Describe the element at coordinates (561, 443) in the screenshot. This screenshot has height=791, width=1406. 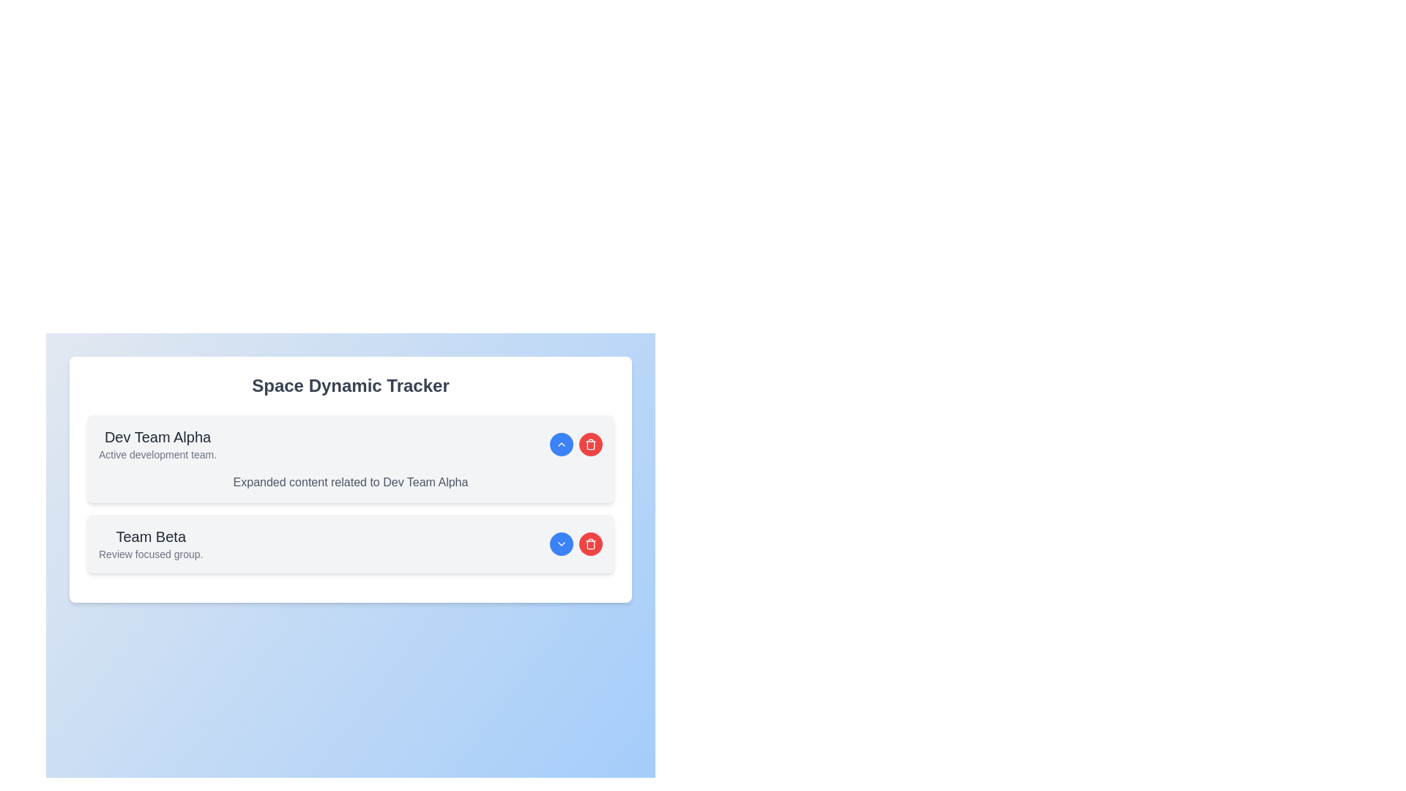
I see `the triangular upward-pointing icon embedded in the blue circular button located to the right of the 'Team Beta' list entry` at that location.